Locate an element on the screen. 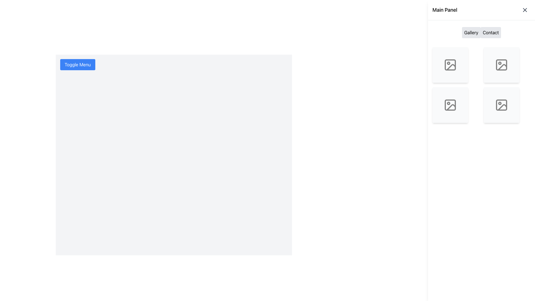  non-interactive decorative SVG rectangle located in the bottom-left icon of the grid in the right panel is located at coordinates (450, 105).